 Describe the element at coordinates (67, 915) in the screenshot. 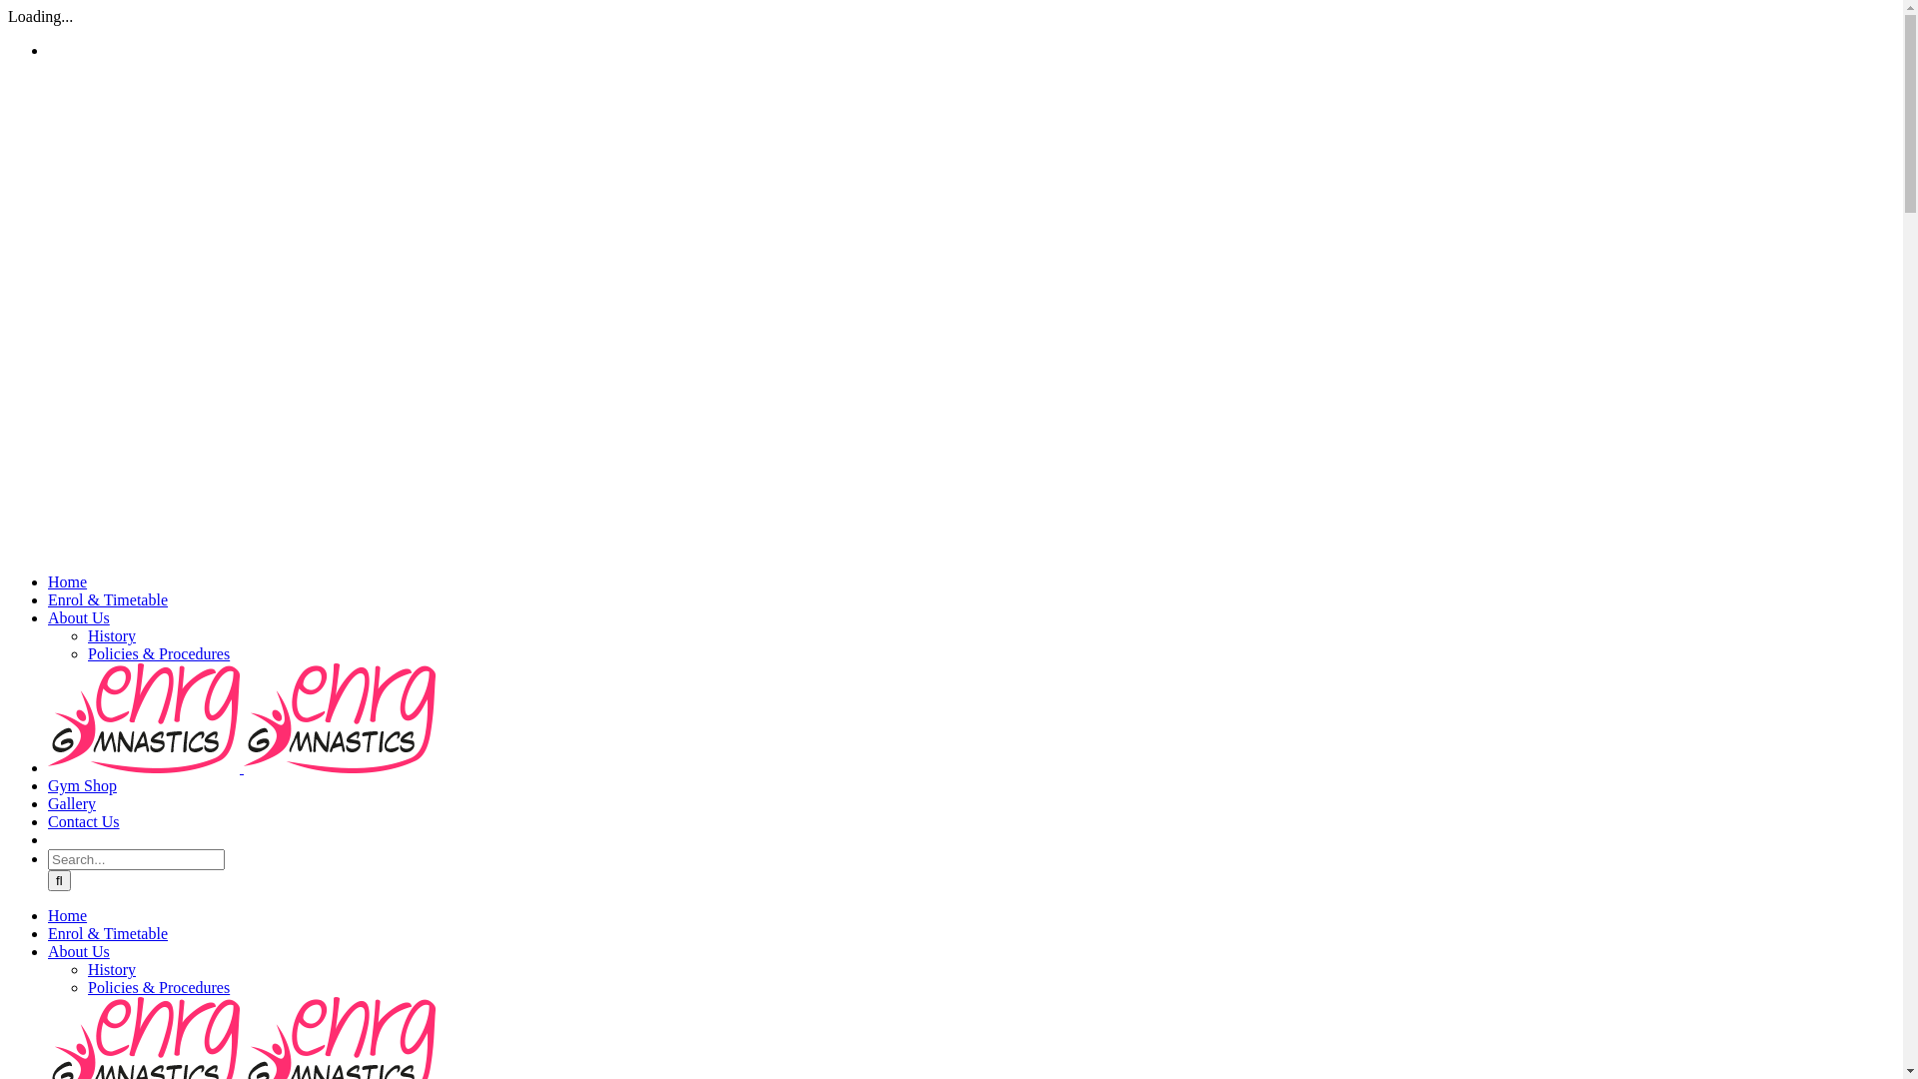

I see `'Home'` at that location.